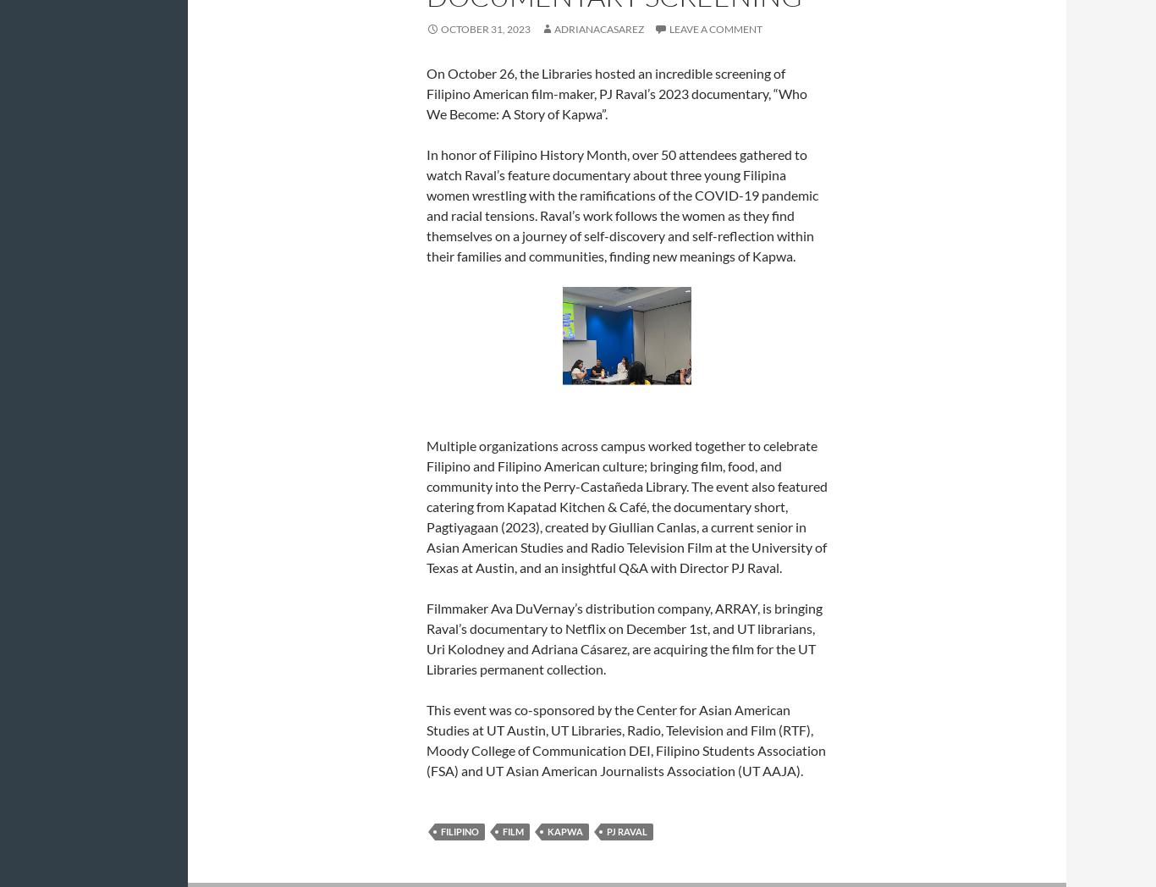 This screenshot has height=887, width=1156. Describe the element at coordinates (512, 830) in the screenshot. I see `'film'` at that location.